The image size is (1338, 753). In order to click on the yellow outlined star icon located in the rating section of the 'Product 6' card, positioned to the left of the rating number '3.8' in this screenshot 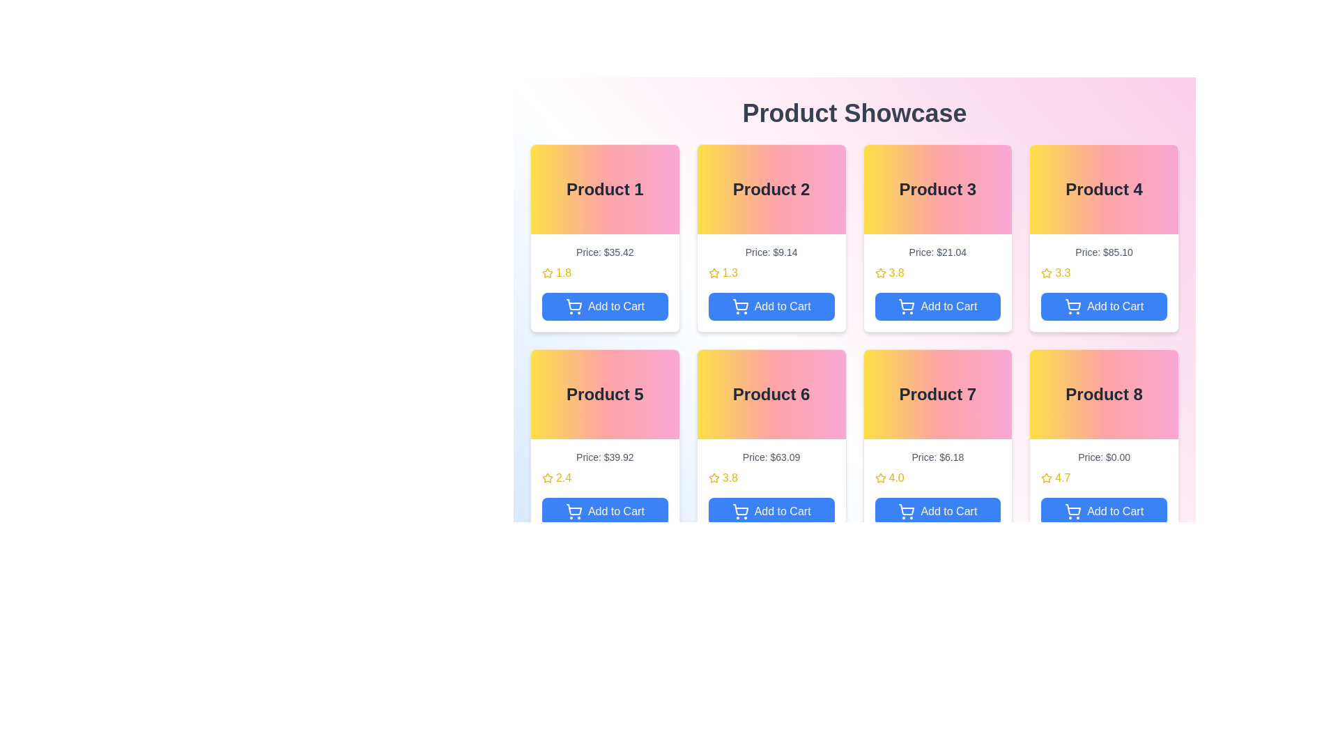, I will do `click(714, 478)`.